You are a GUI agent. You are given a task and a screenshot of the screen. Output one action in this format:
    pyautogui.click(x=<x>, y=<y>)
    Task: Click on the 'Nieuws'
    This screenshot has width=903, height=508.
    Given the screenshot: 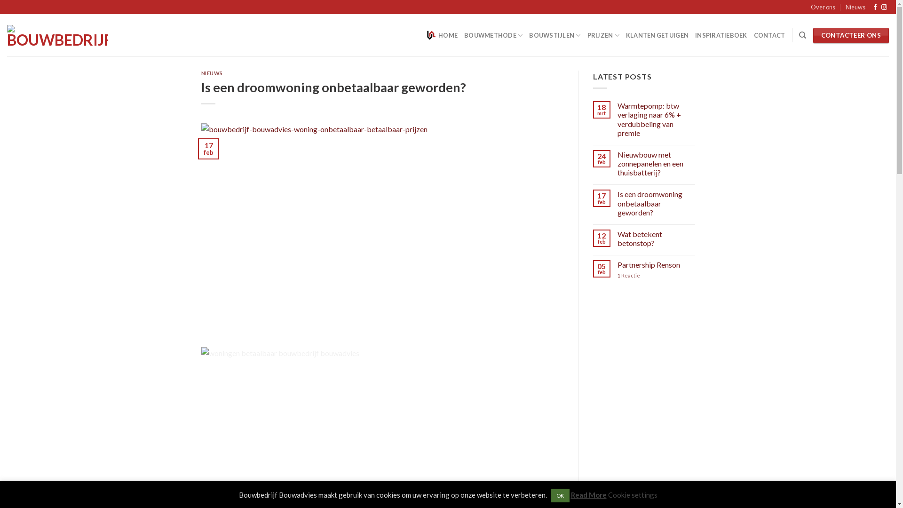 What is the action you would take?
    pyautogui.click(x=846, y=7)
    